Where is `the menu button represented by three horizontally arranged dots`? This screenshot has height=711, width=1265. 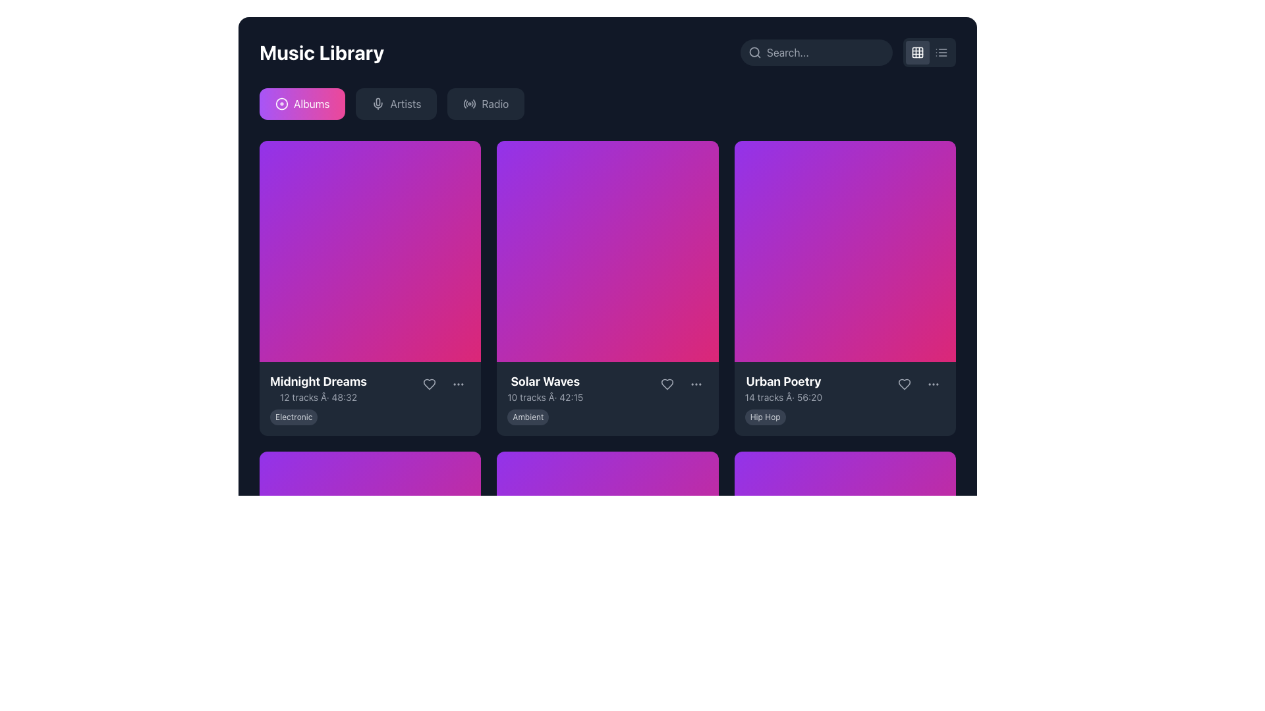
the menu button represented by three horizontally arranged dots is located at coordinates (932, 384).